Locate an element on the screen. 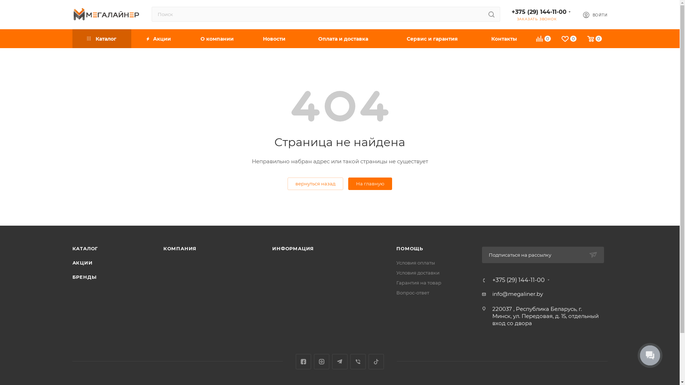 This screenshot has height=385, width=685. 'Telegram' is located at coordinates (332, 361).